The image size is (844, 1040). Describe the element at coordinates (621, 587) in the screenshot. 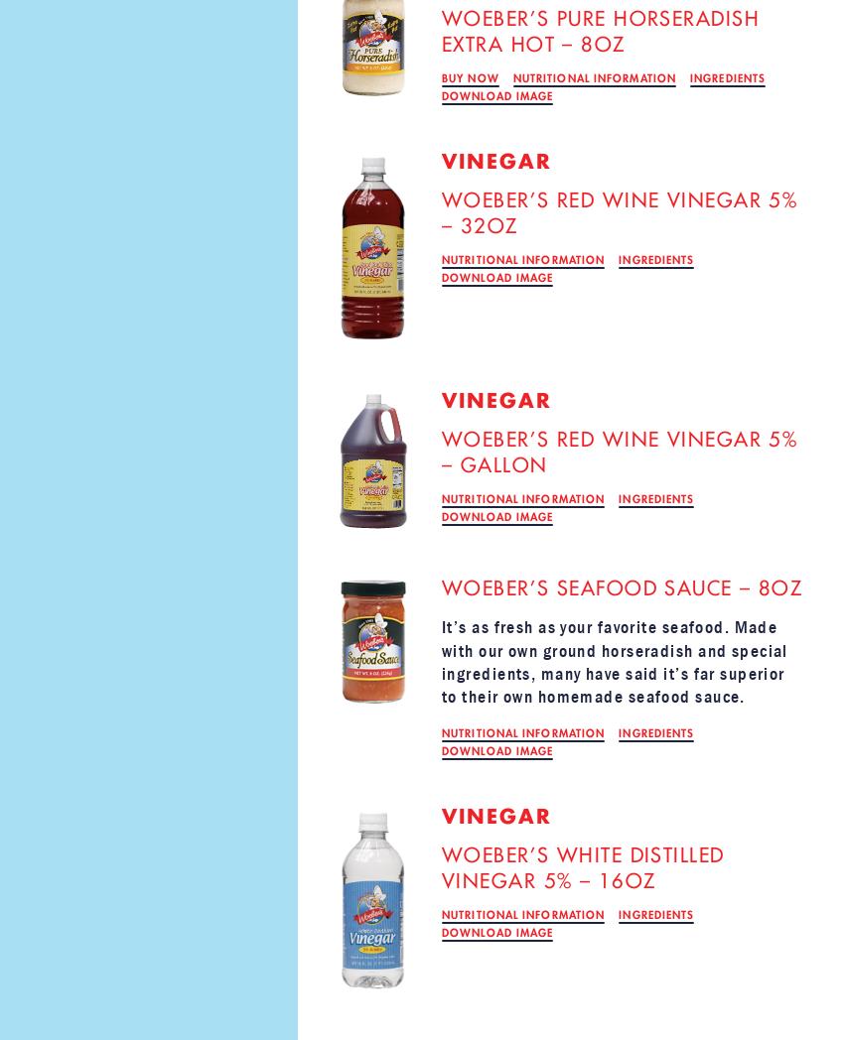

I see `'Woeber’s SEAFOOD SAUCE – 8OZ'` at that location.